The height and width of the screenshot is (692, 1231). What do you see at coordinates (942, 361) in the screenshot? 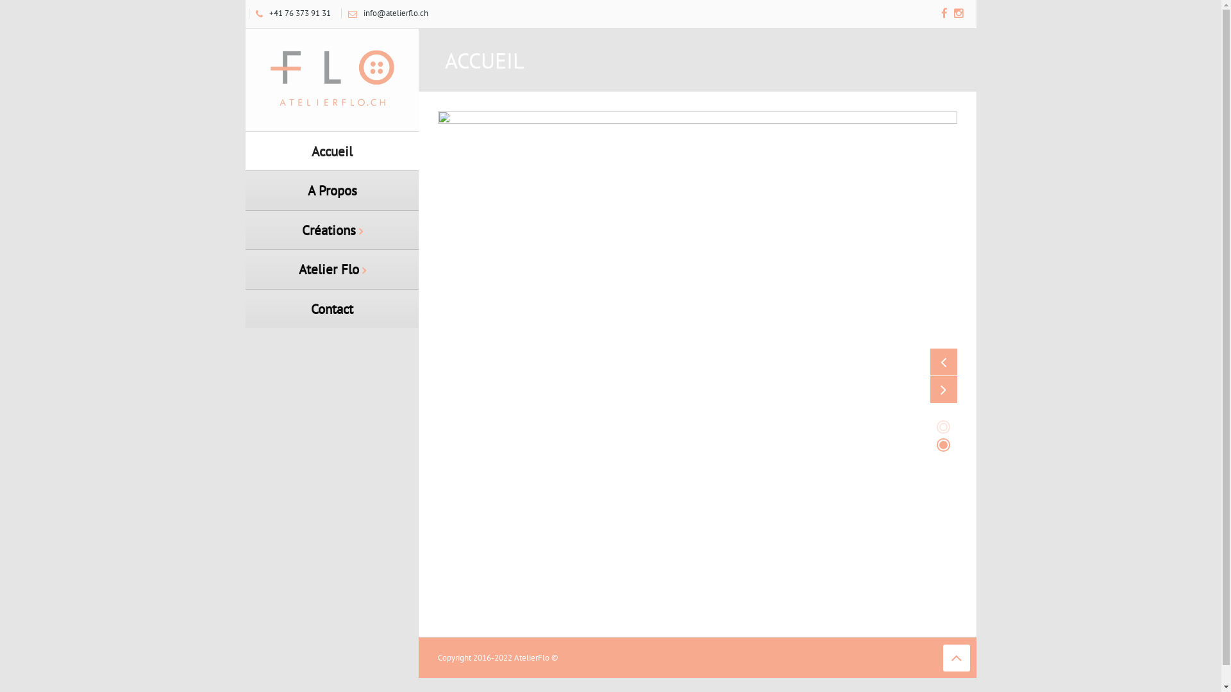
I see `'Previous'` at bounding box center [942, 361].